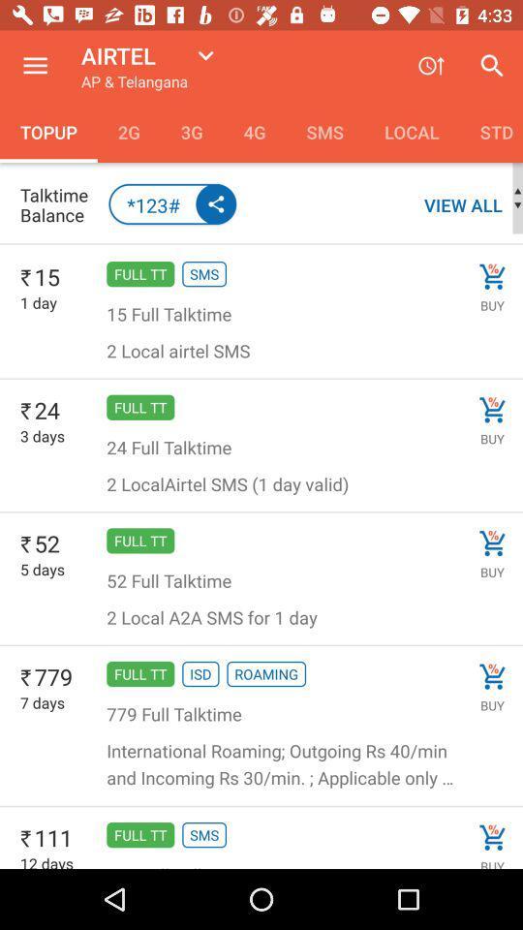  What do you see at coordinates (192, 131) in the screenshot?
I see `3g item` at bounding box center [192, 131].